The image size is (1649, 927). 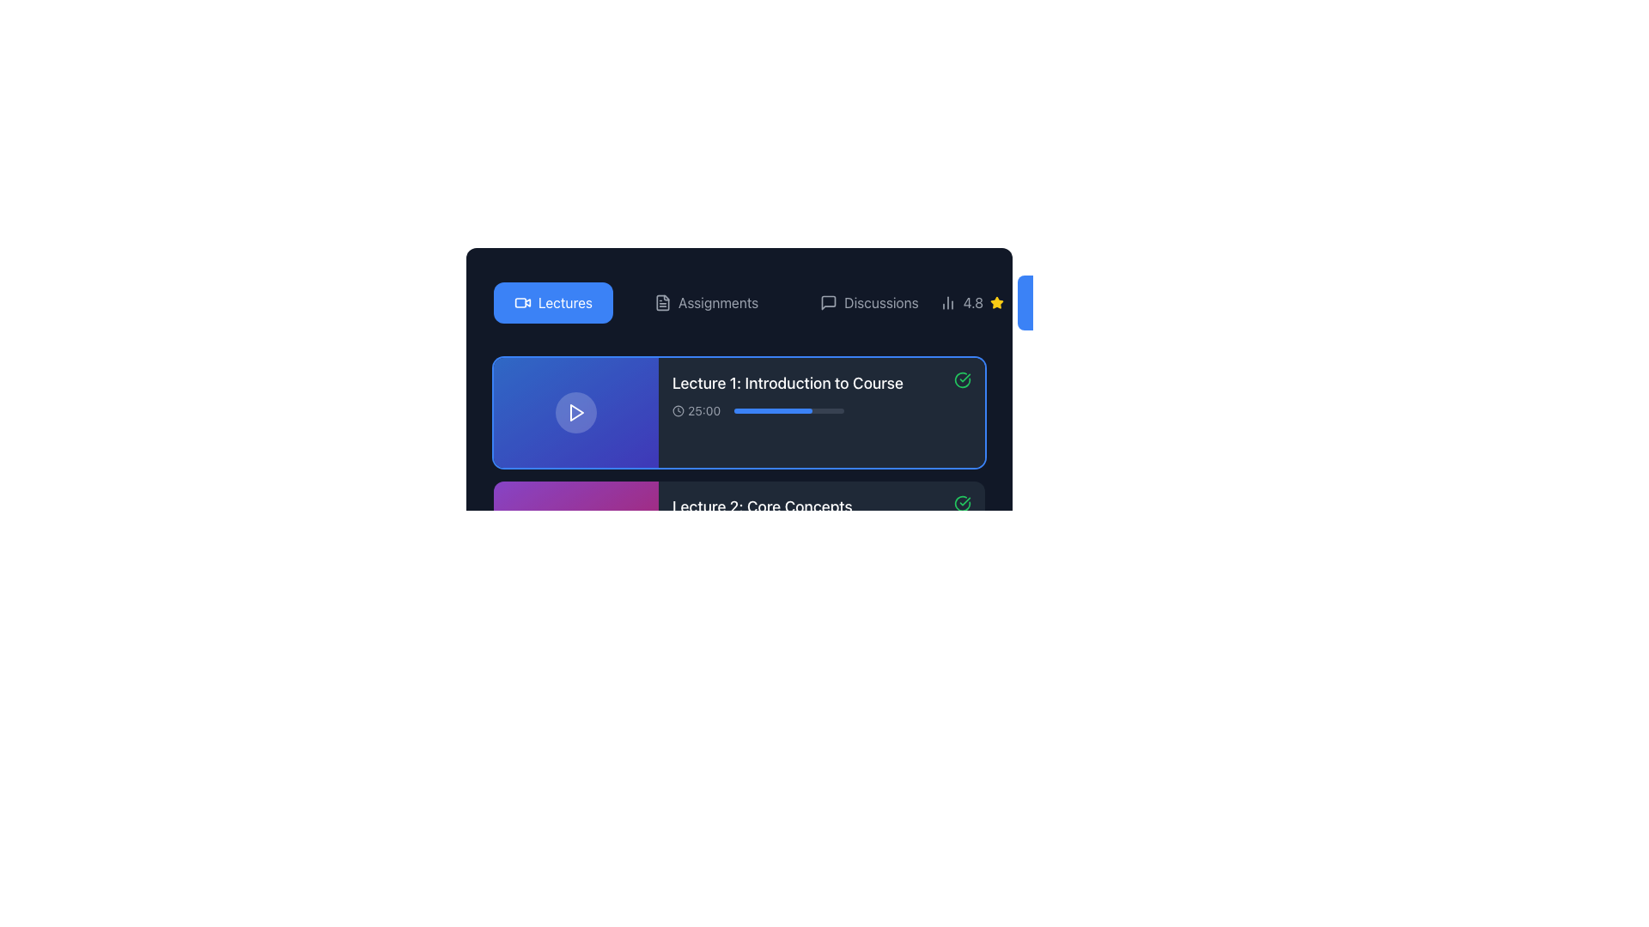 I want to click on the comments or messages icon located in the top-right corner of the interface, adjacent to numeric and star ratings, so click(x=829, y=302).